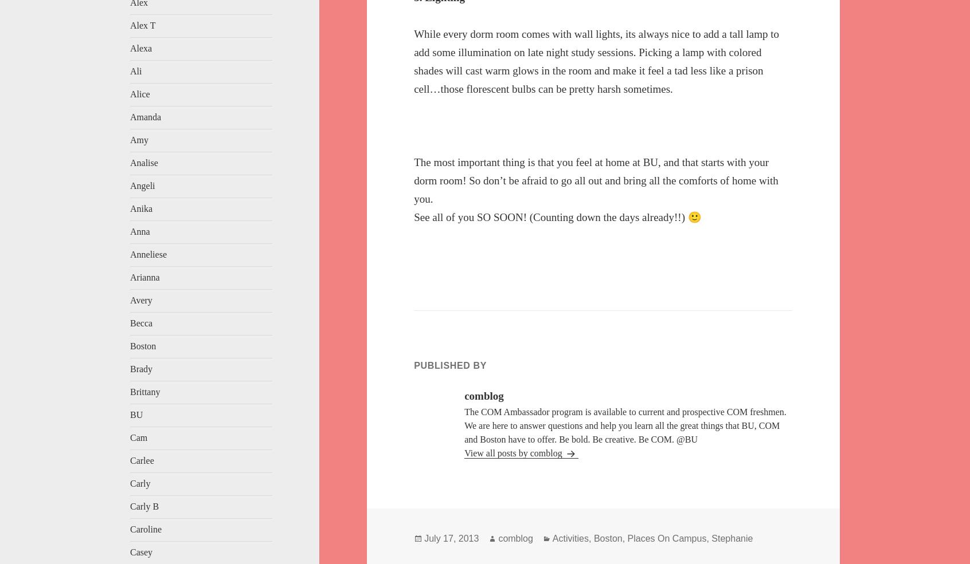 This screenshot has height=564, width=970. Describe the element at coordinates (596, 61) in the screenshot. I see `'While every dorm room comes with wall lights, its always nice to add a tall lamp to add some illumination on late night study sessions. Picking a lamp with colored shades will cast warm glows in the room and make it feel a tad less like a prison cell…those florescent bulbs can be pretty harsh sometimes.'` at that location.